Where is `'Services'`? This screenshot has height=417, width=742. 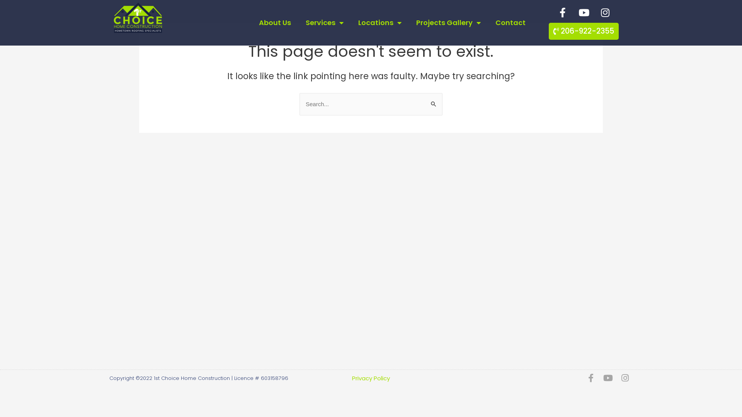
'Services' is located at coordinates (325, 22).